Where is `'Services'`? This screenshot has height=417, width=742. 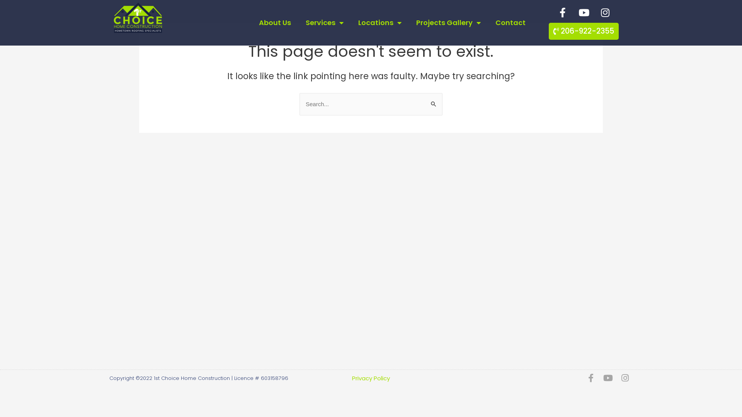
'Services' is located at coordinates (325, 22).